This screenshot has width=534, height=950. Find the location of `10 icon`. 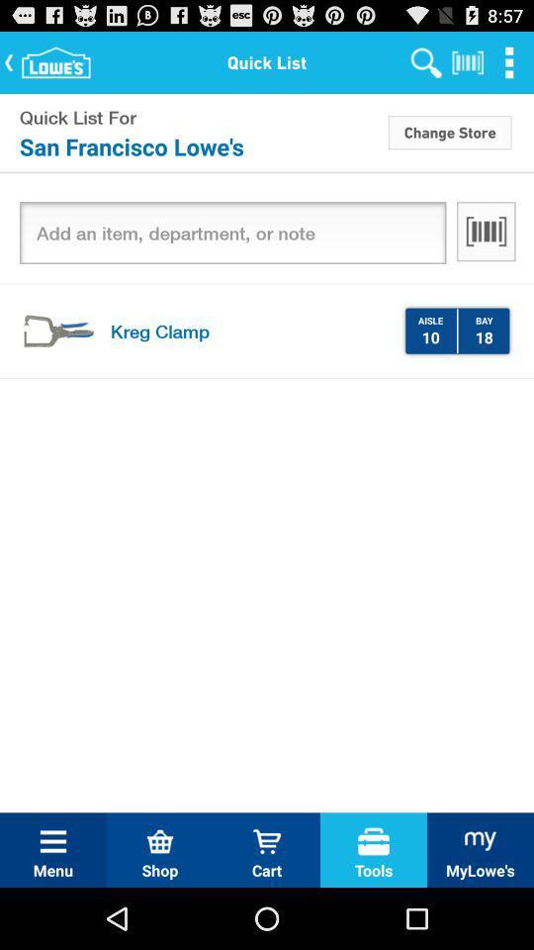

10 icon is located at coordinates (429, 336).